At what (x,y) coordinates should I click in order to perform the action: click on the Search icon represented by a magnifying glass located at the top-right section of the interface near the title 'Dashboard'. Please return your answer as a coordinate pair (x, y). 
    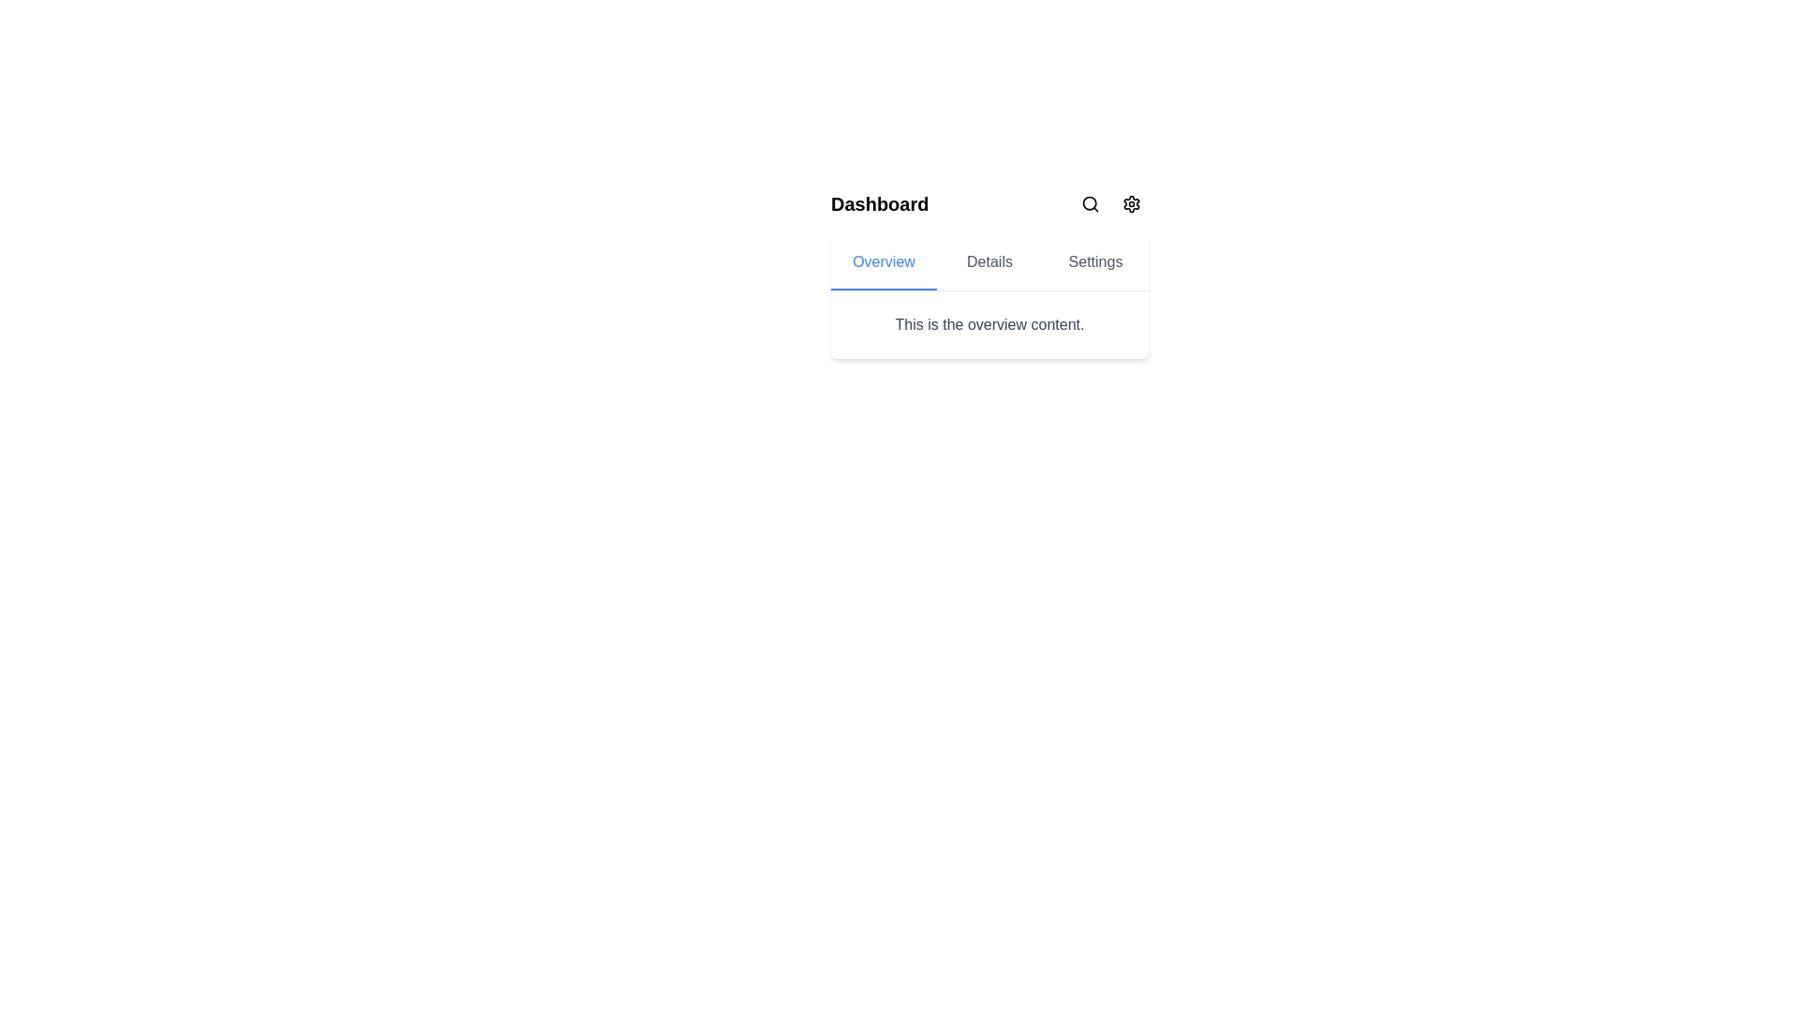
    Looking at the image, I should click on (1090, 204).